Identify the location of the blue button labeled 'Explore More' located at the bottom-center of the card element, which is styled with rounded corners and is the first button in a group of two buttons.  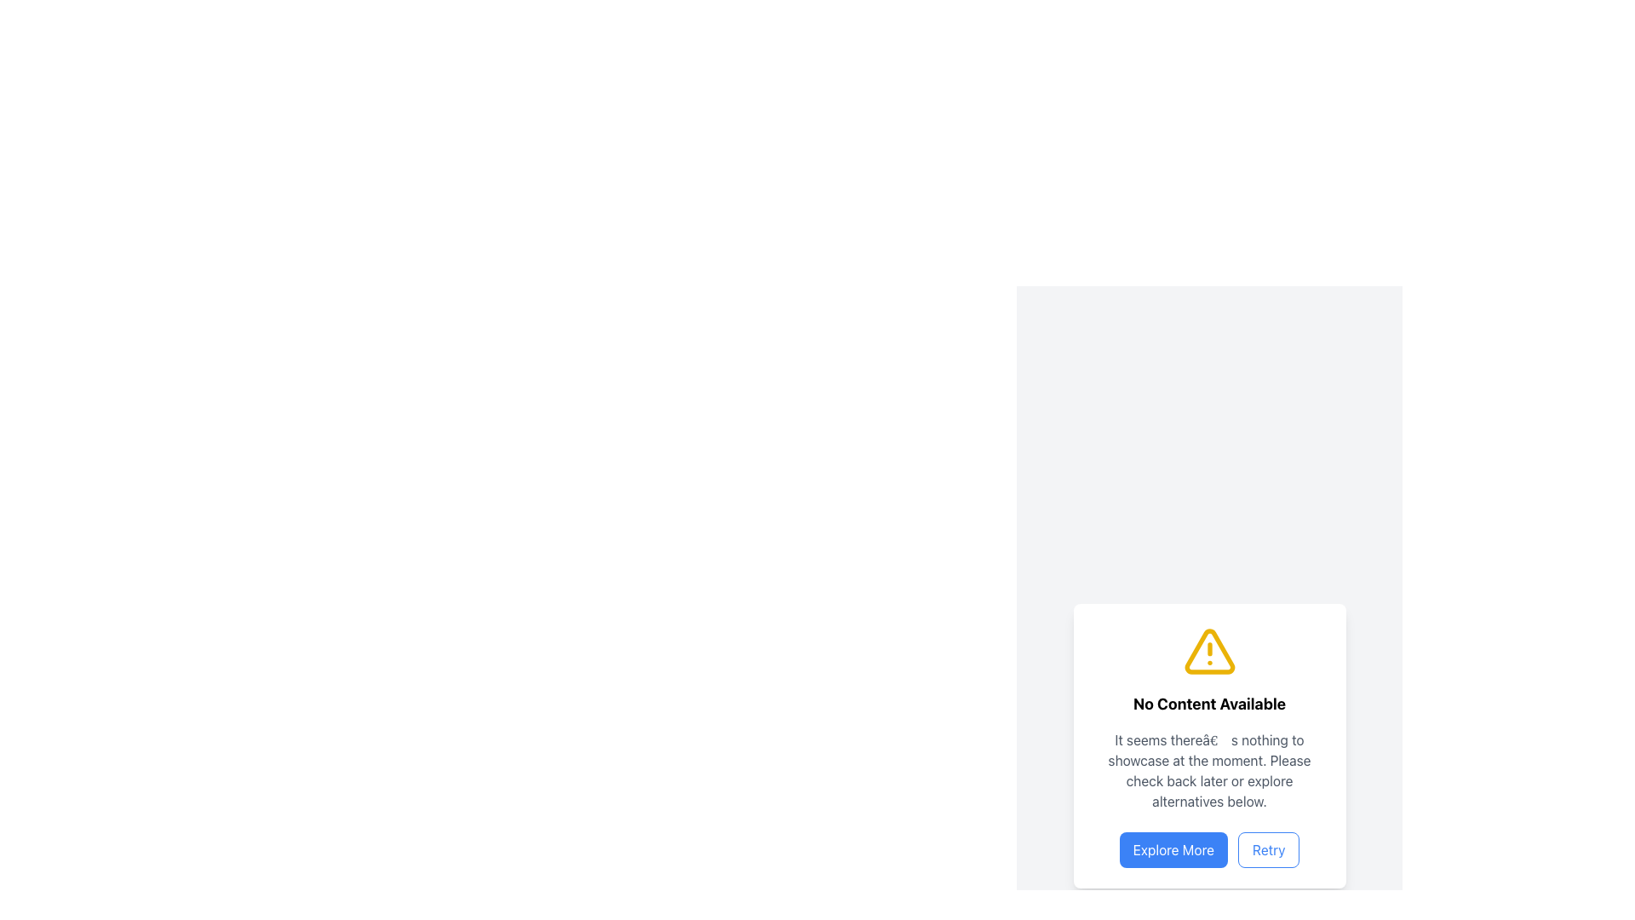
(1173, 850).